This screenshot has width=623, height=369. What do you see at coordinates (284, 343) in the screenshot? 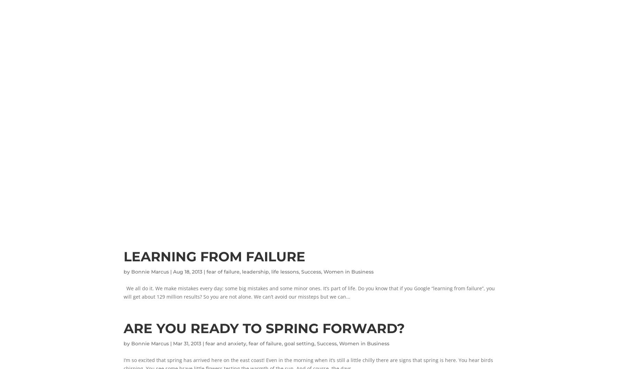
I see `'goal setting'` at bounding box center [284, 343].